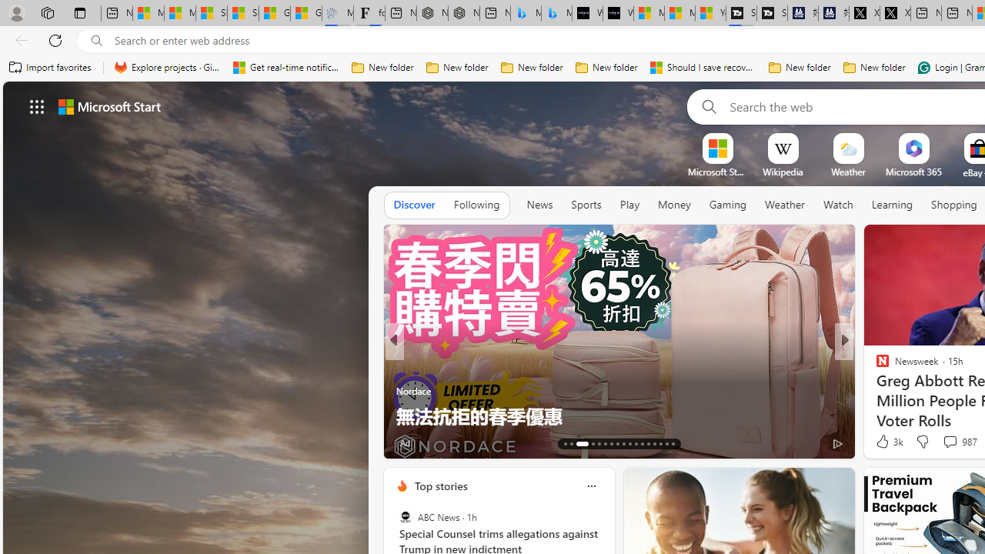 Image resolution: width=985 pixels, height=554 pixels. Describe the element at coordinates (892, 205) in the screenshot. I see `'Learning'` at that location.